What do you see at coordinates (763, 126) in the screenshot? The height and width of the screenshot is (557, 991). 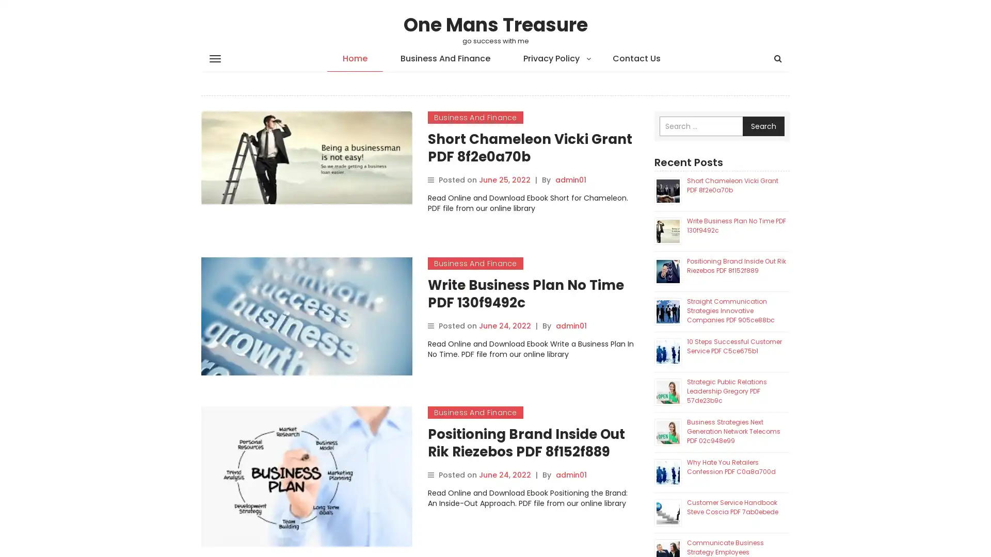 I see `Search` at bounding box center [763, 126].